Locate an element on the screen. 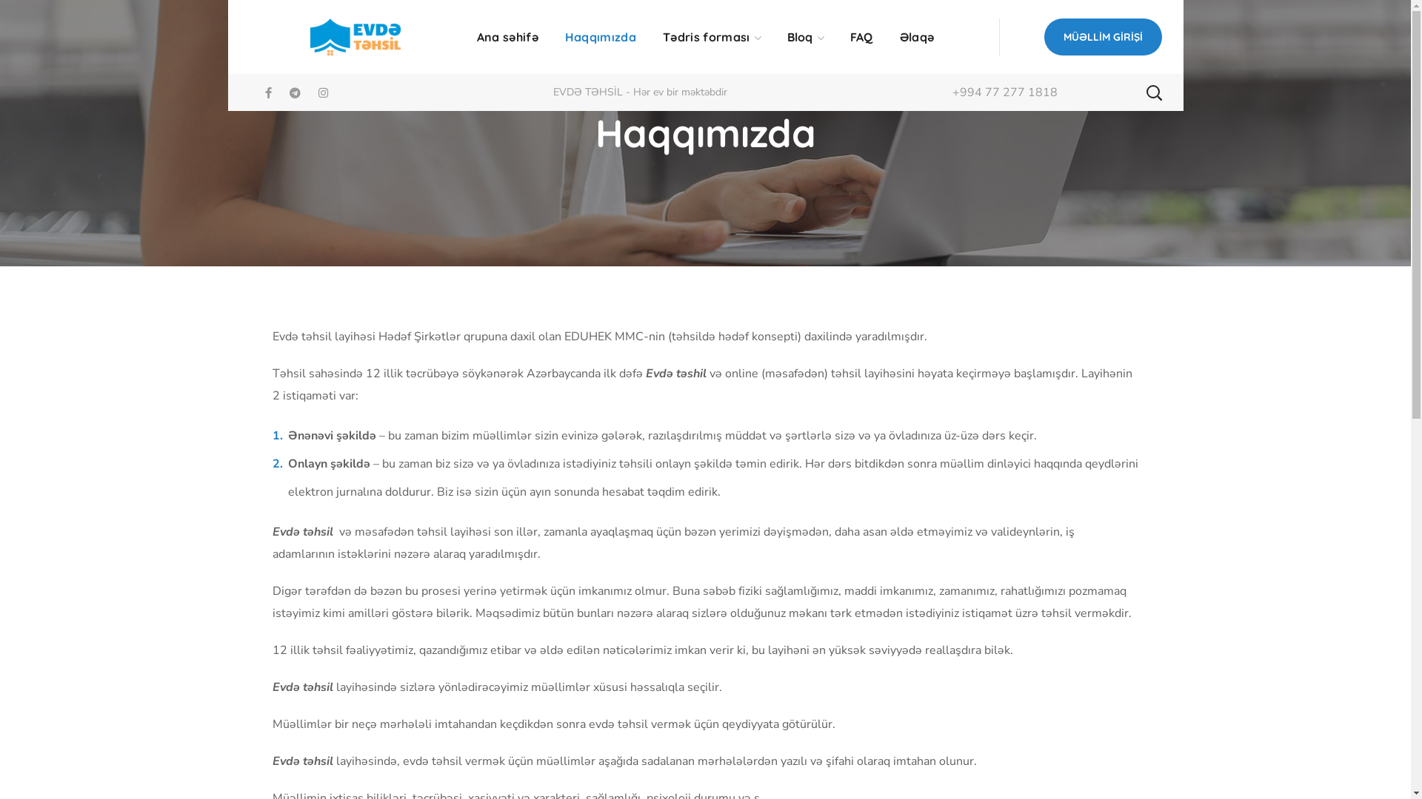  'Bloq' is located at coordinates (804, 36).